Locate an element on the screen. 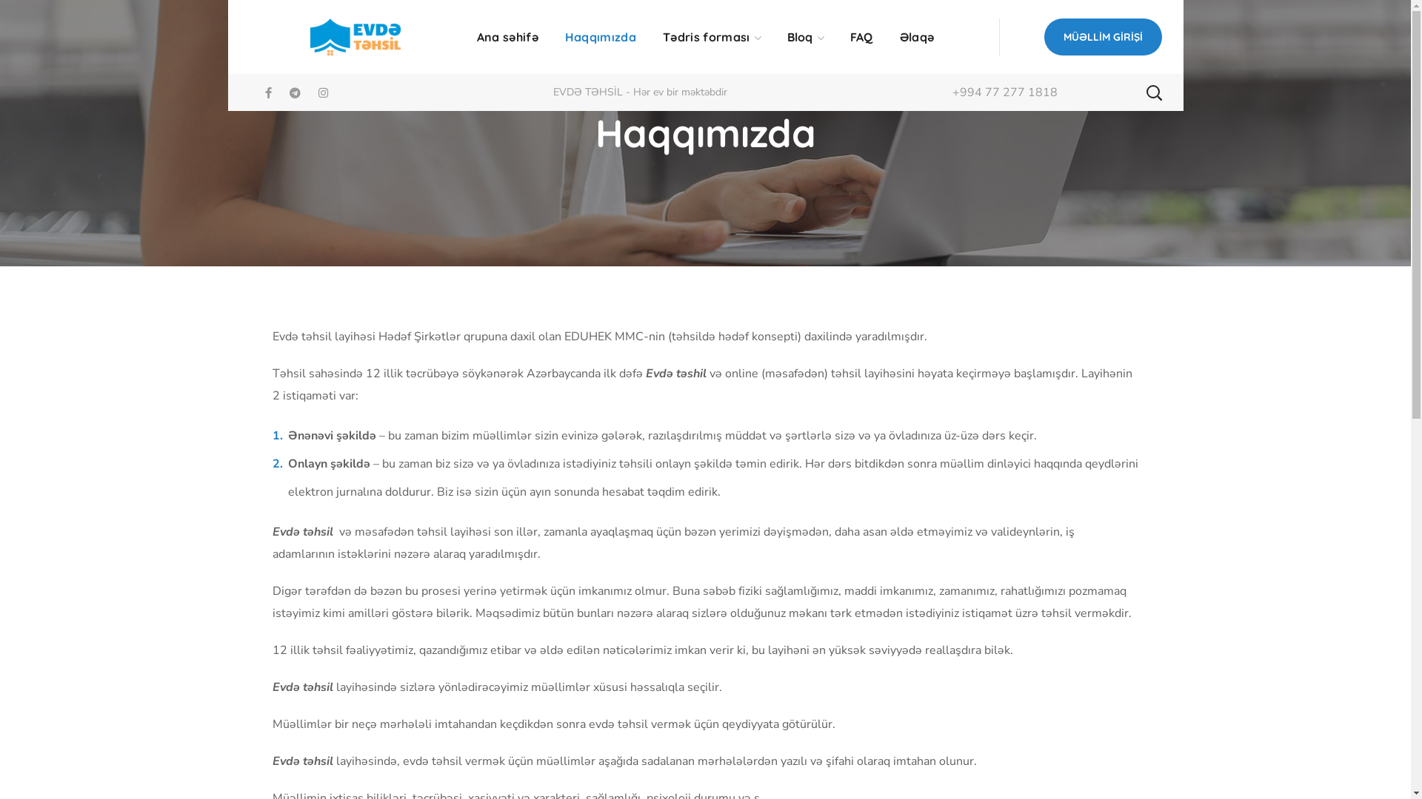  'Bloq' is located at coordinates (804, 36).